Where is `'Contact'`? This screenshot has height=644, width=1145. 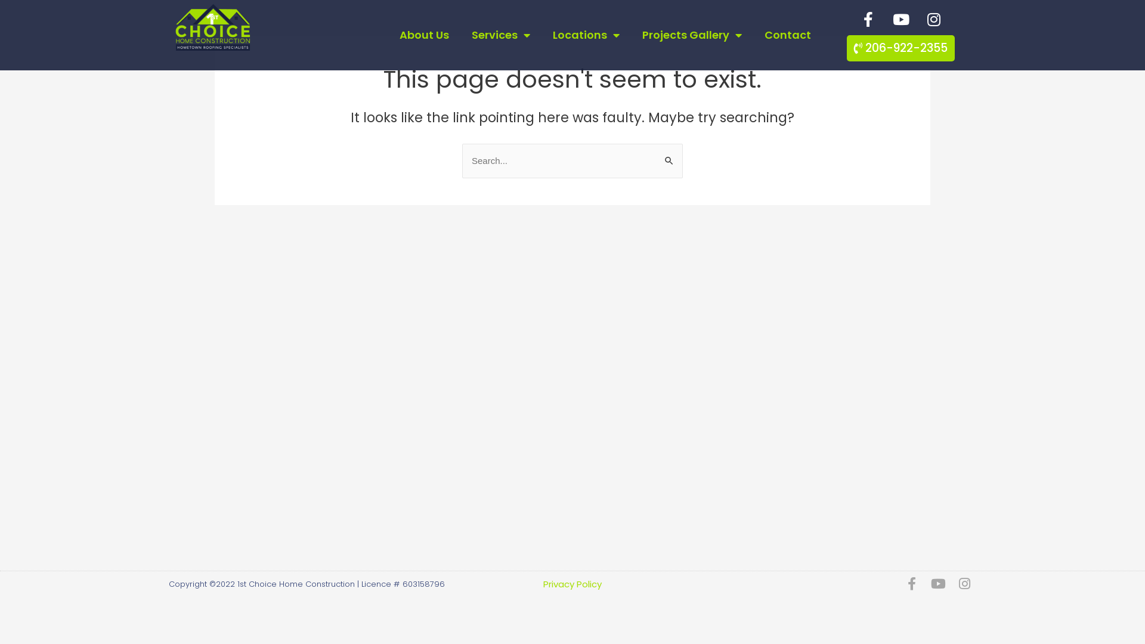
'Contact' is located at coordinates (787, 34).